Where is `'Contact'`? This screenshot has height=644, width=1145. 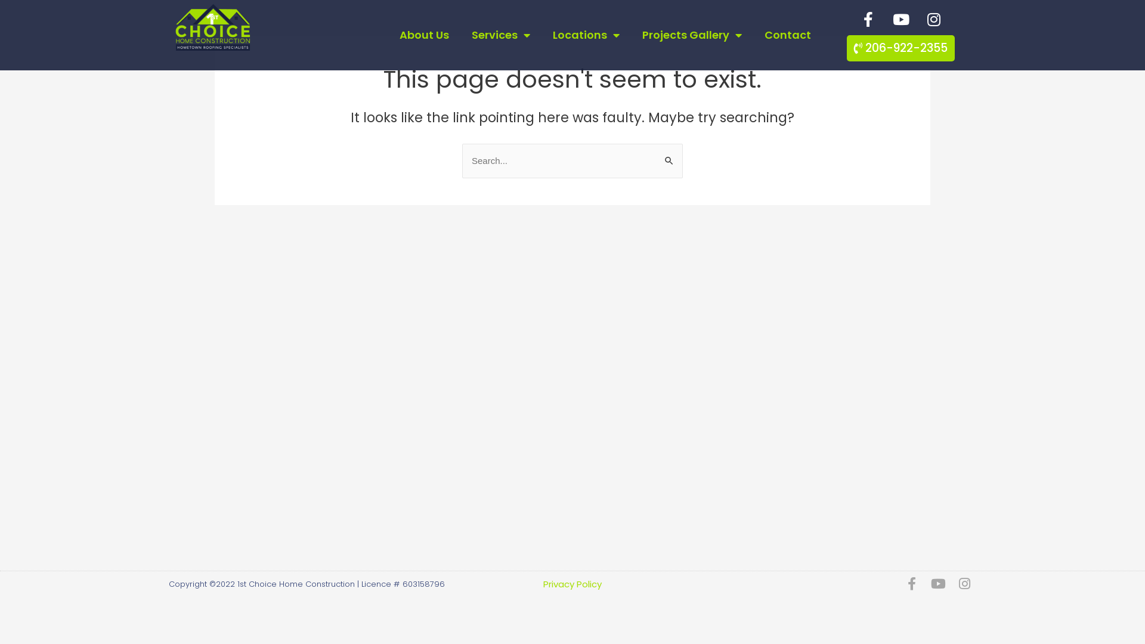
'Contact' is located at coordinates (787, 34).